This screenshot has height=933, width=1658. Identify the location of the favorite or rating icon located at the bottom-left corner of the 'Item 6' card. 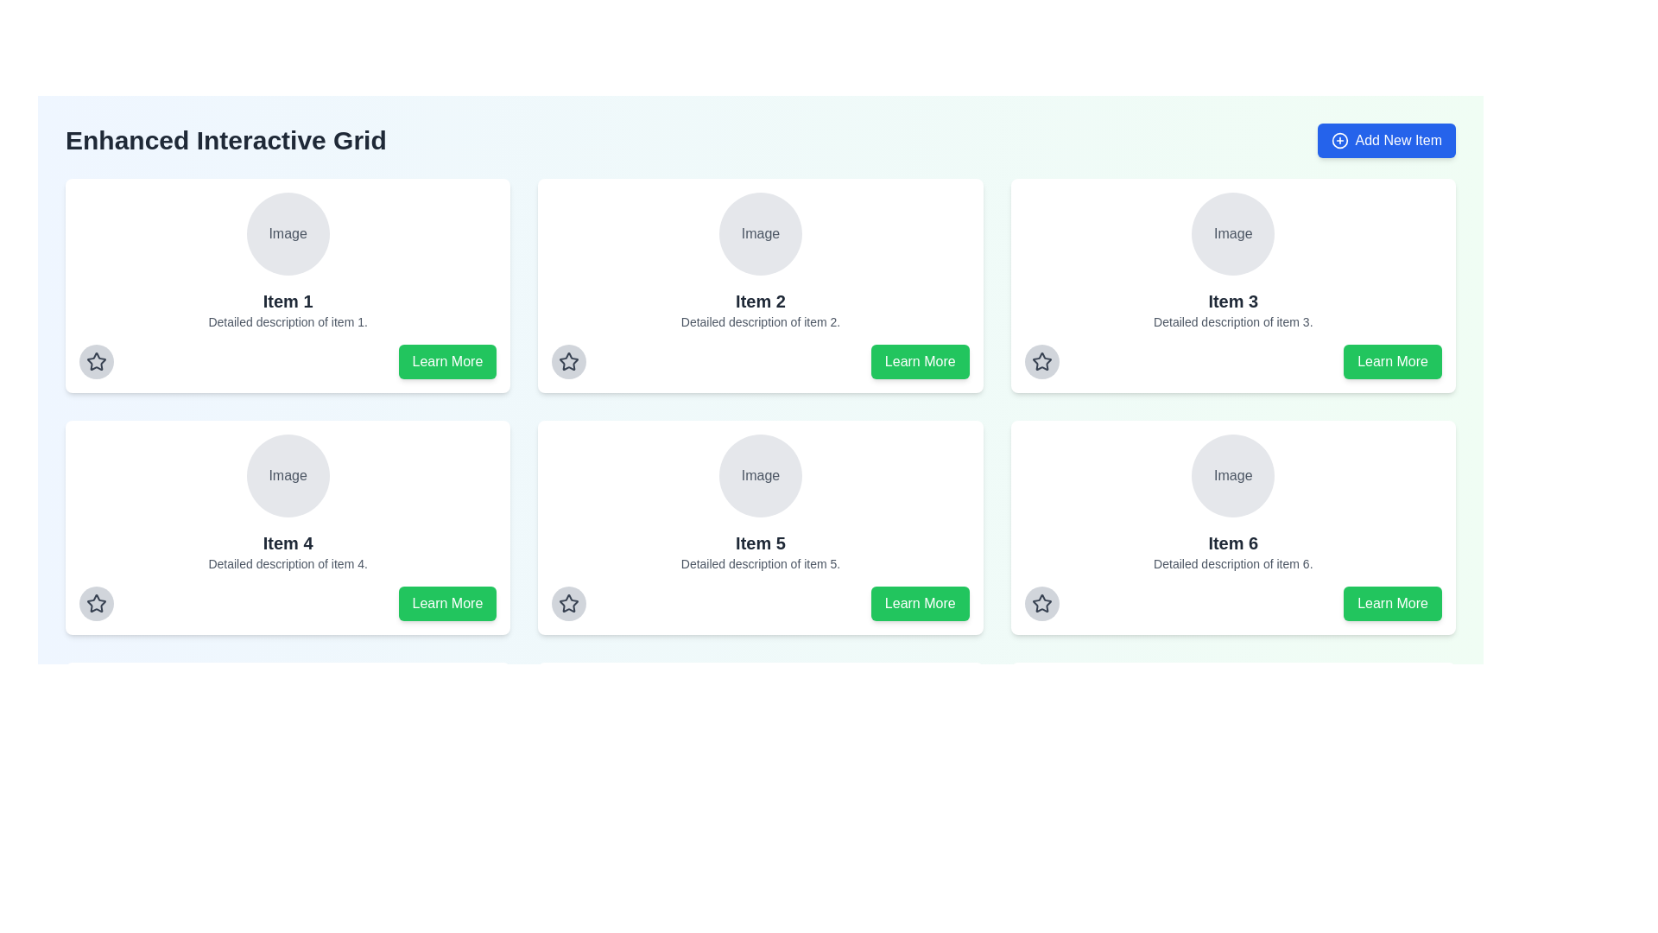
(1041, 602).